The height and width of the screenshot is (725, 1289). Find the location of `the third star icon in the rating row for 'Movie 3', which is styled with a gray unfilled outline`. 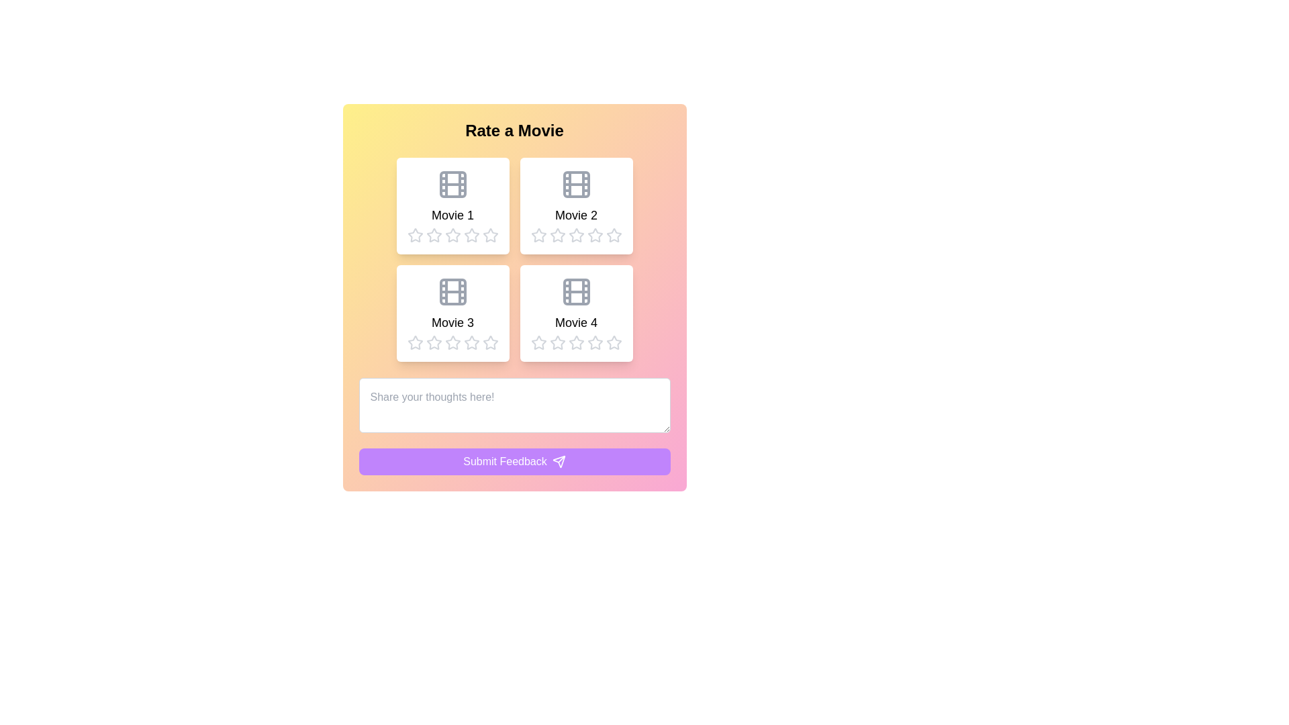

the third star icon in the rating row for 'Movie 3', which is styled with a gray unfilled outline is located at coordinates (434, 342).